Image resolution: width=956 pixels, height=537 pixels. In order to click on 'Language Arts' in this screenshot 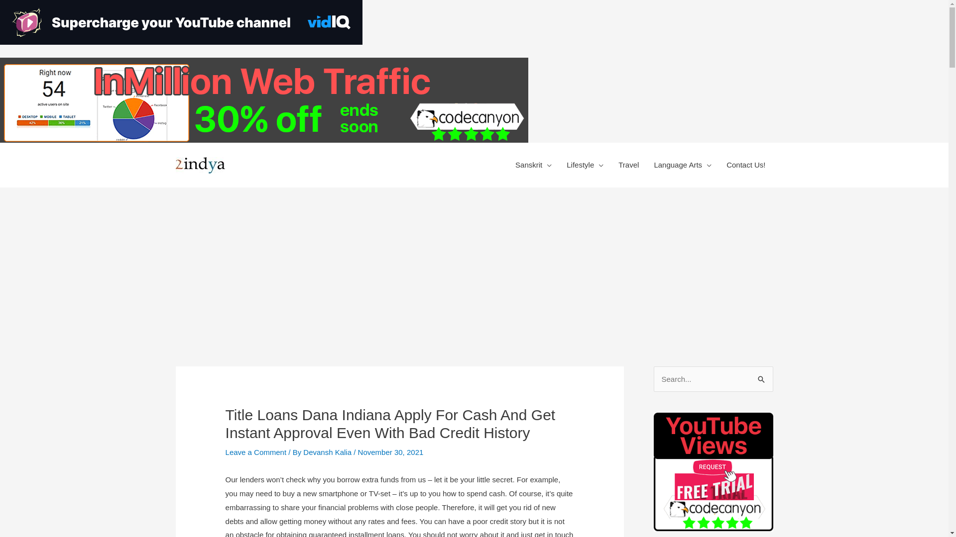, I will do `click(682, 164)`.